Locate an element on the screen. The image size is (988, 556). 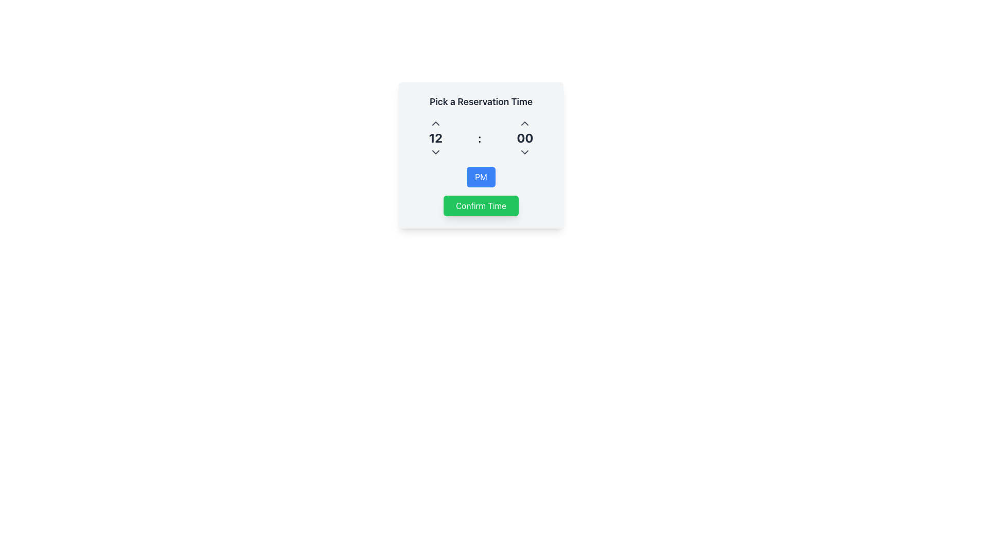
the toggle button located centrally below the time selection fields to switch between AM and PM time periods is located at coordinates (481, 176).